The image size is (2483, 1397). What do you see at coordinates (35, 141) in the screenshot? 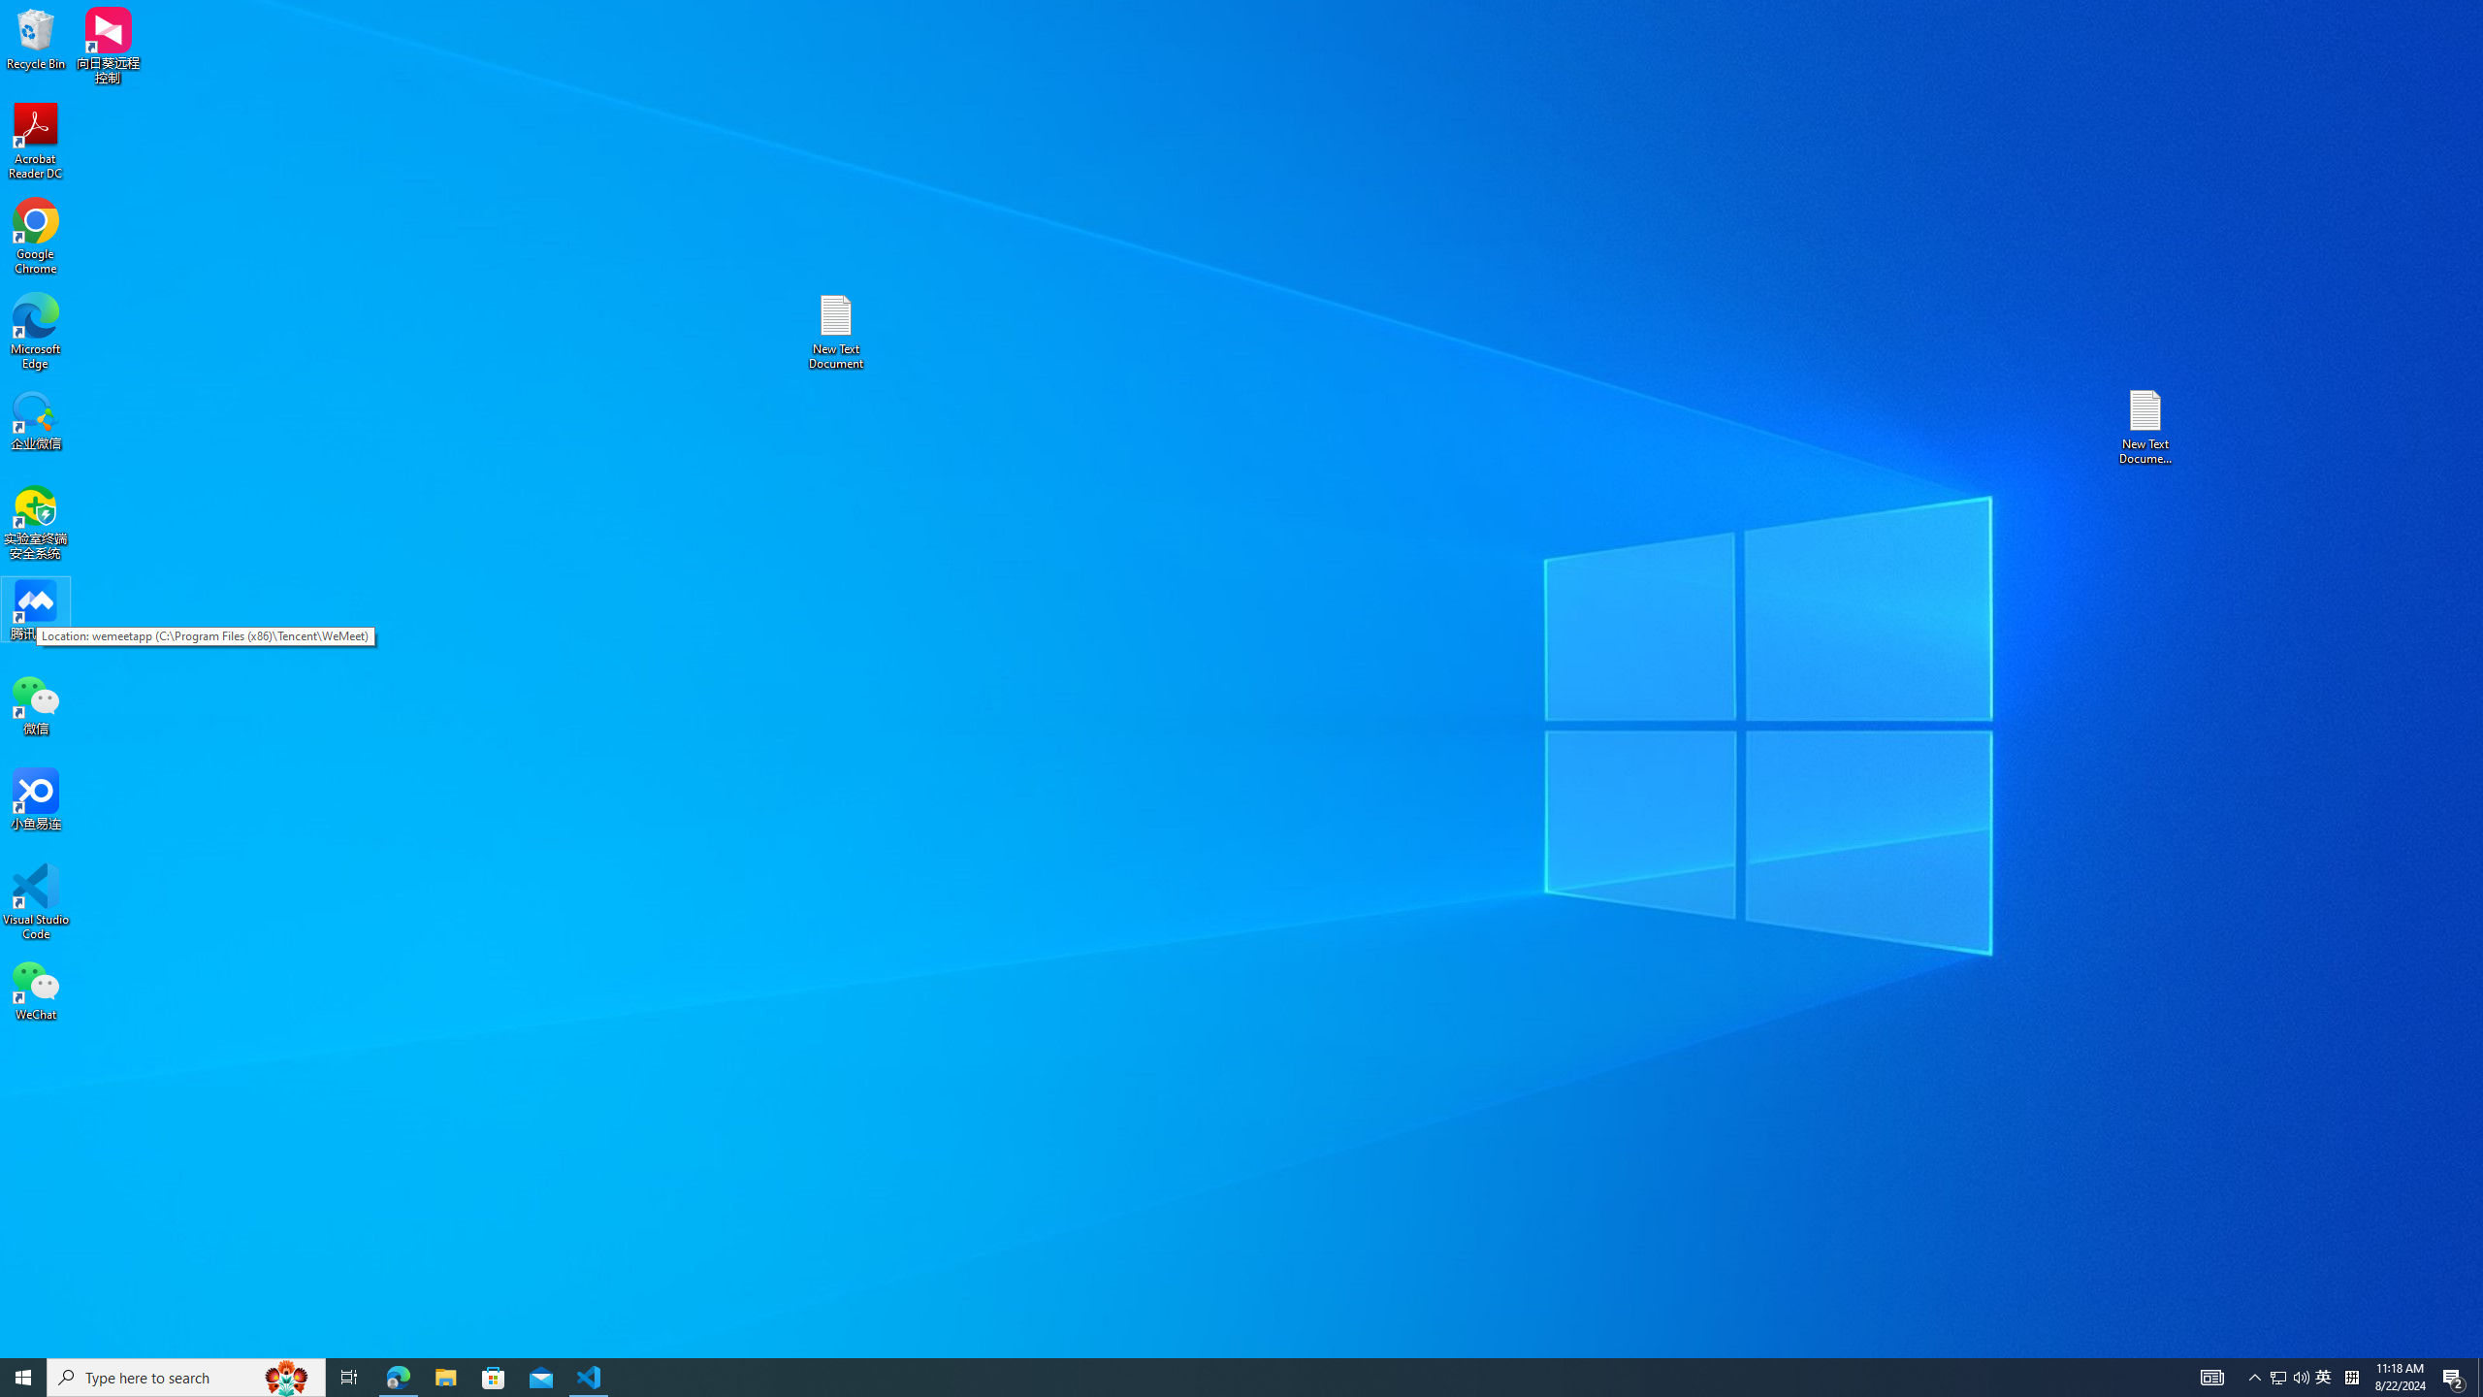
I see `'Acrobat Reader DC'` at bounding box center [35, 141].